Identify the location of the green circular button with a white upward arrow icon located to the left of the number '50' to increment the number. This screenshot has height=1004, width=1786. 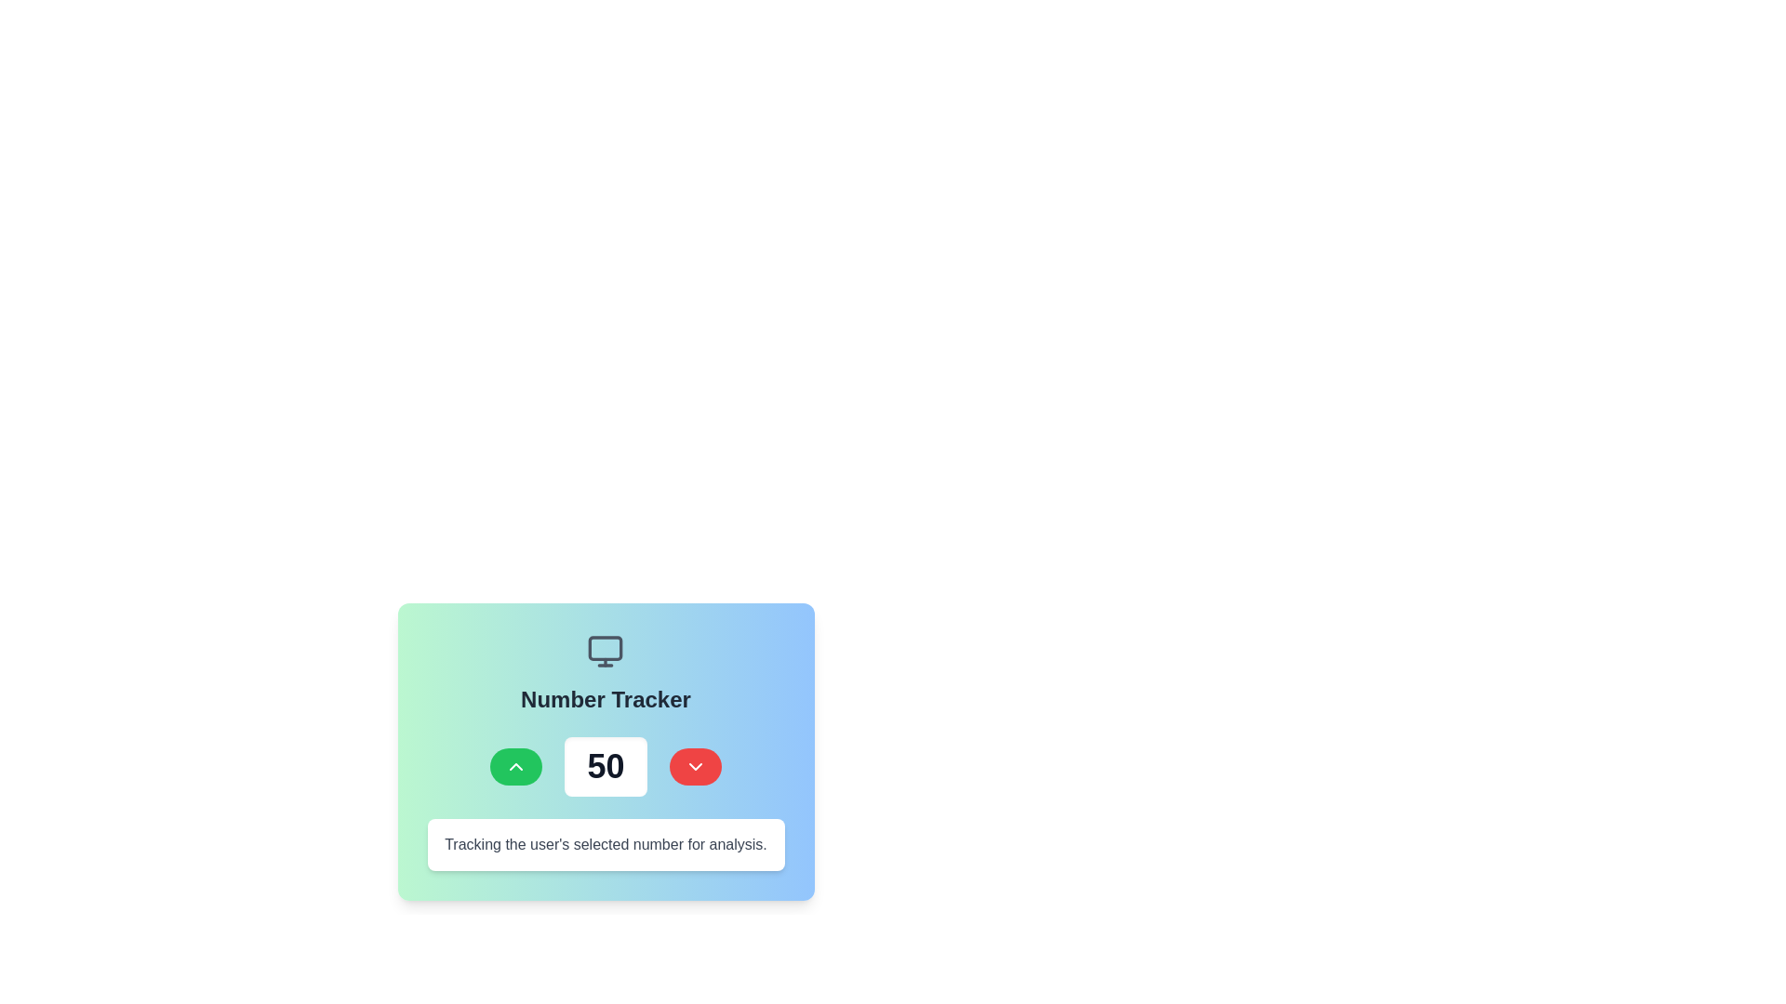
(516, 767).